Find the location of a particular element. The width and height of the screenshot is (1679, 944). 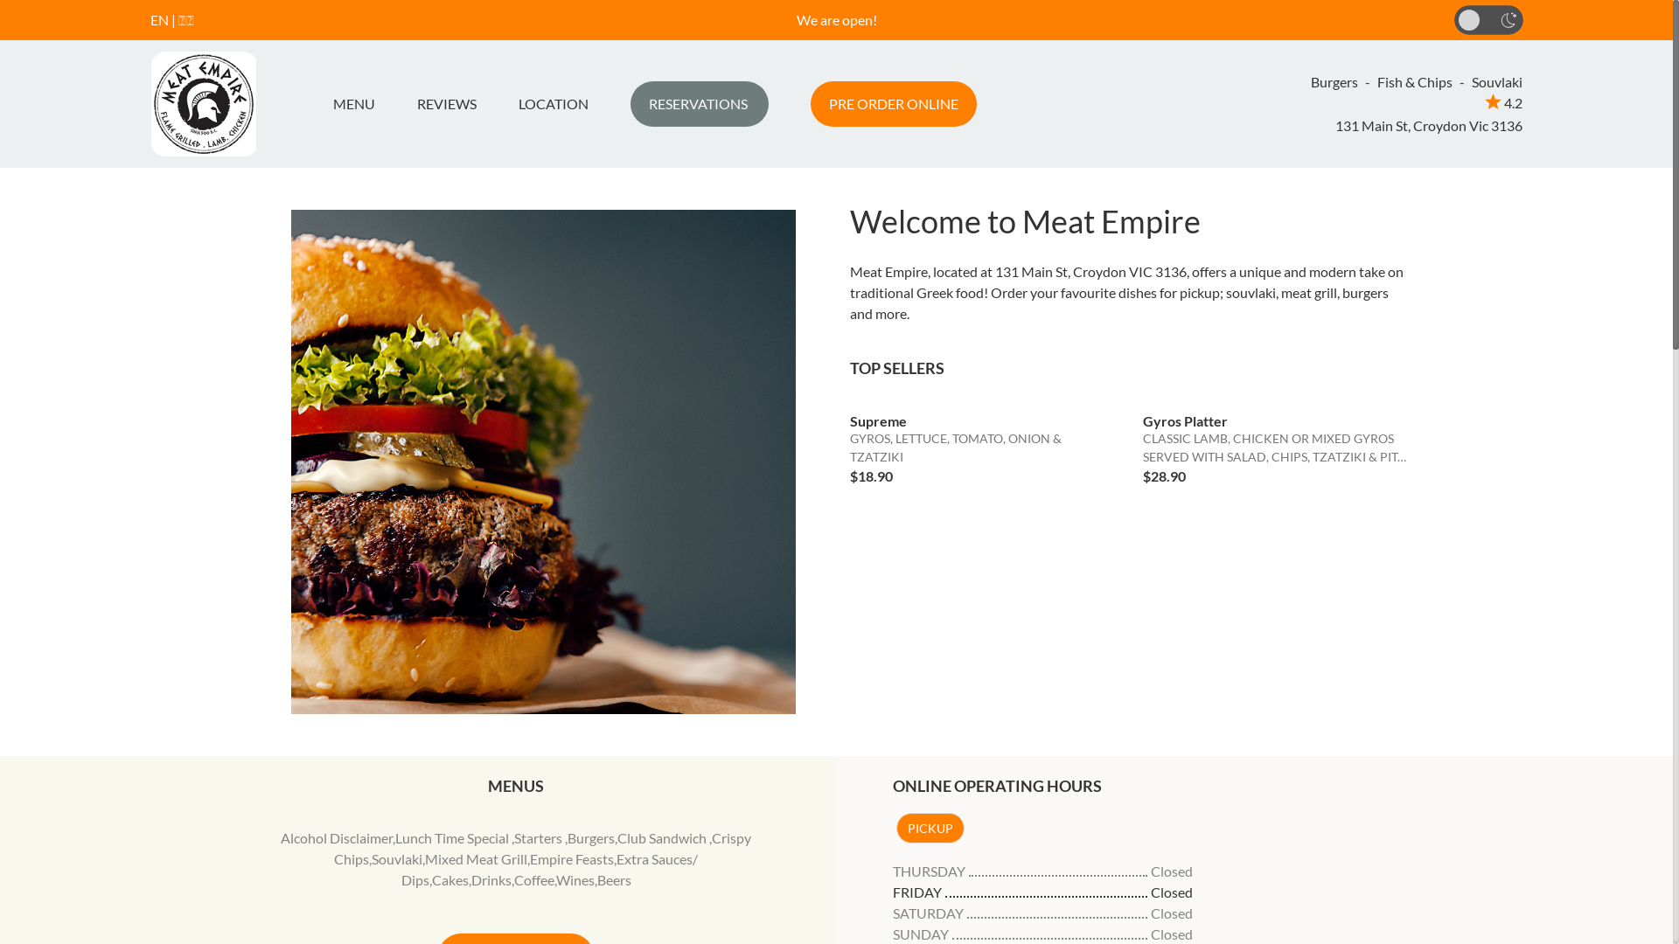

'4.2' is located at coordinates (1502, 102).